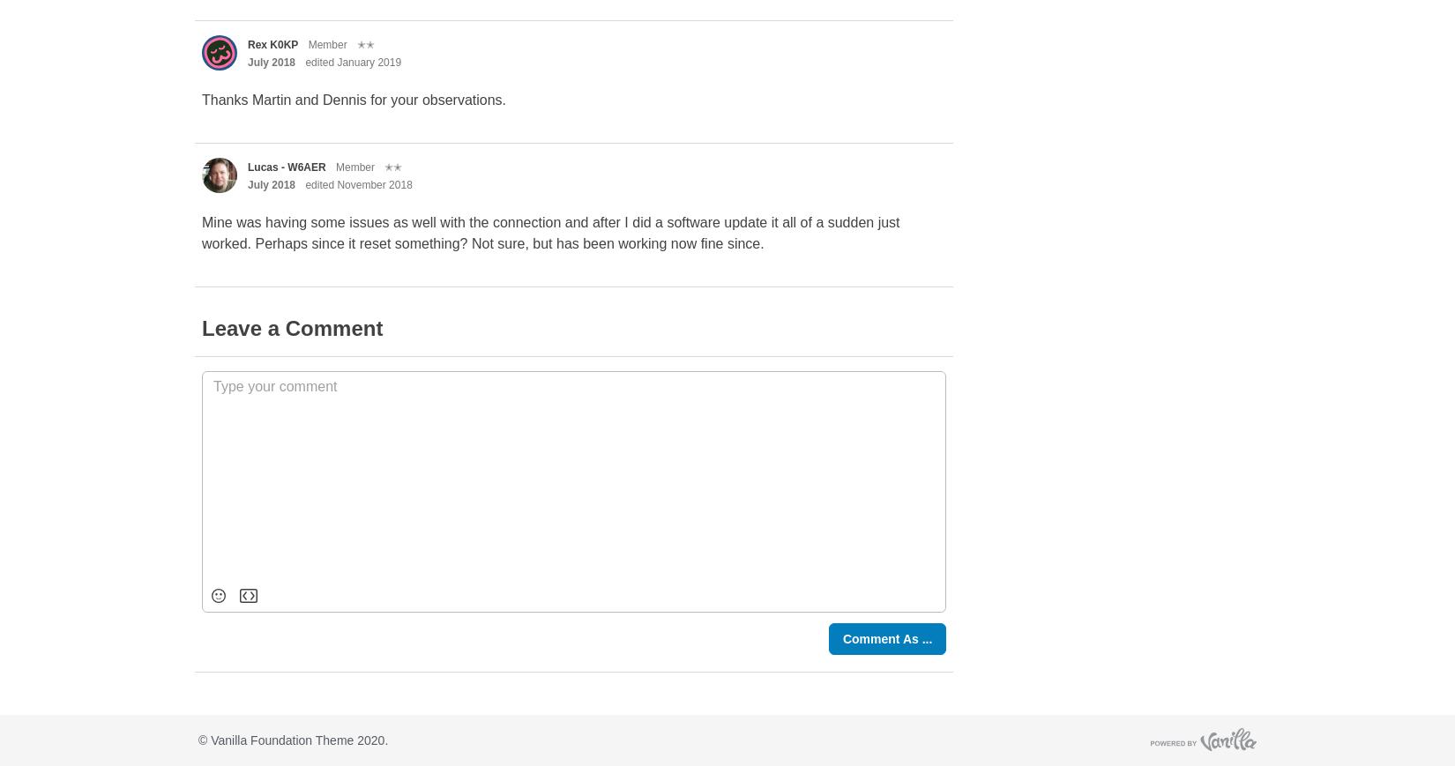 This screenshot has height=766, width=1455. Describe the element at coordinates (887, 639) in the screenshot. I see `'Comment As ...'` at that location.